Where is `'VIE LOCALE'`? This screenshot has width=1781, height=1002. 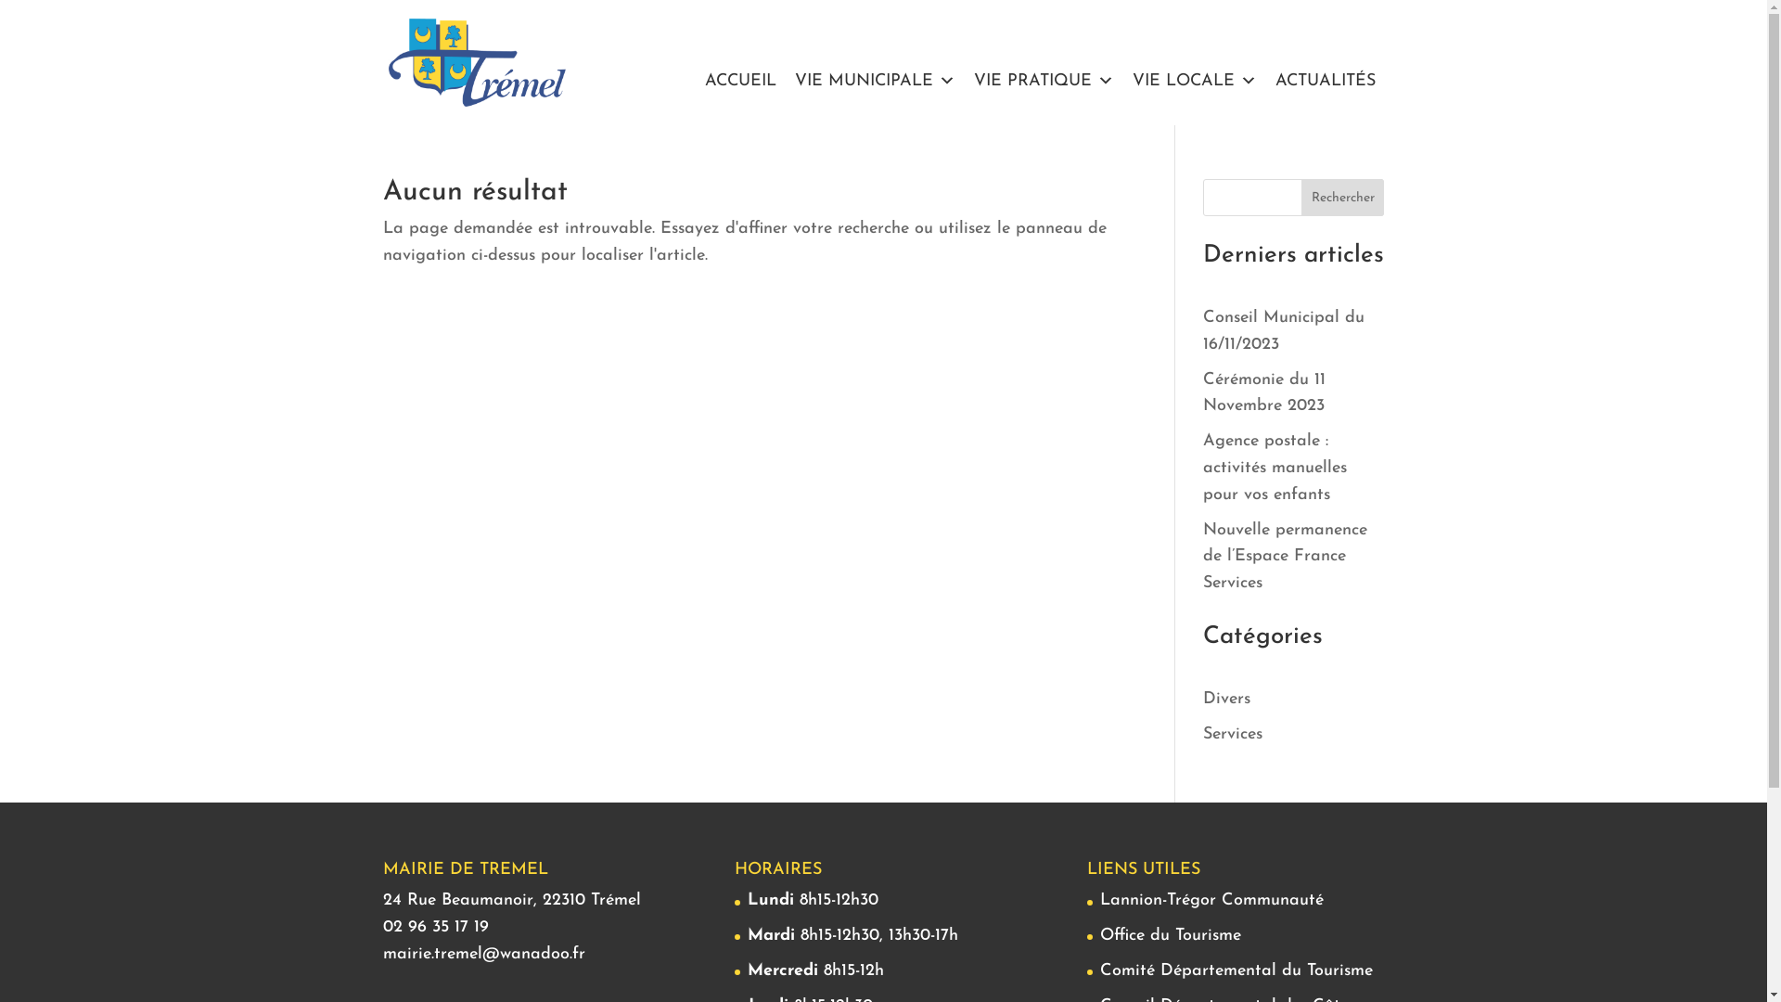
'VIE LOCALE' is located at coordinates (1193, 80).